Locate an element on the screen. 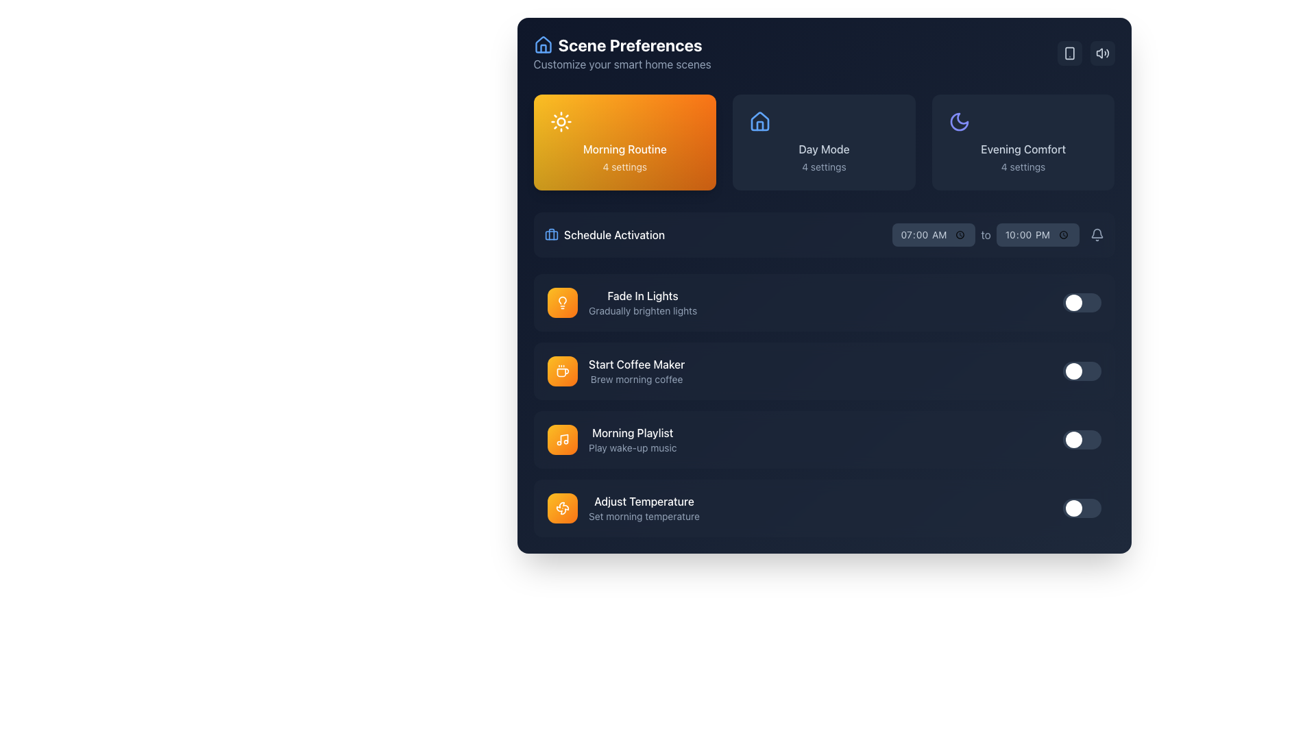  the descriptive text label that provides context about the 'Fade In Lights' feature, located directly under the 'Fade In Lights' header is located at coordinates (642, 311).